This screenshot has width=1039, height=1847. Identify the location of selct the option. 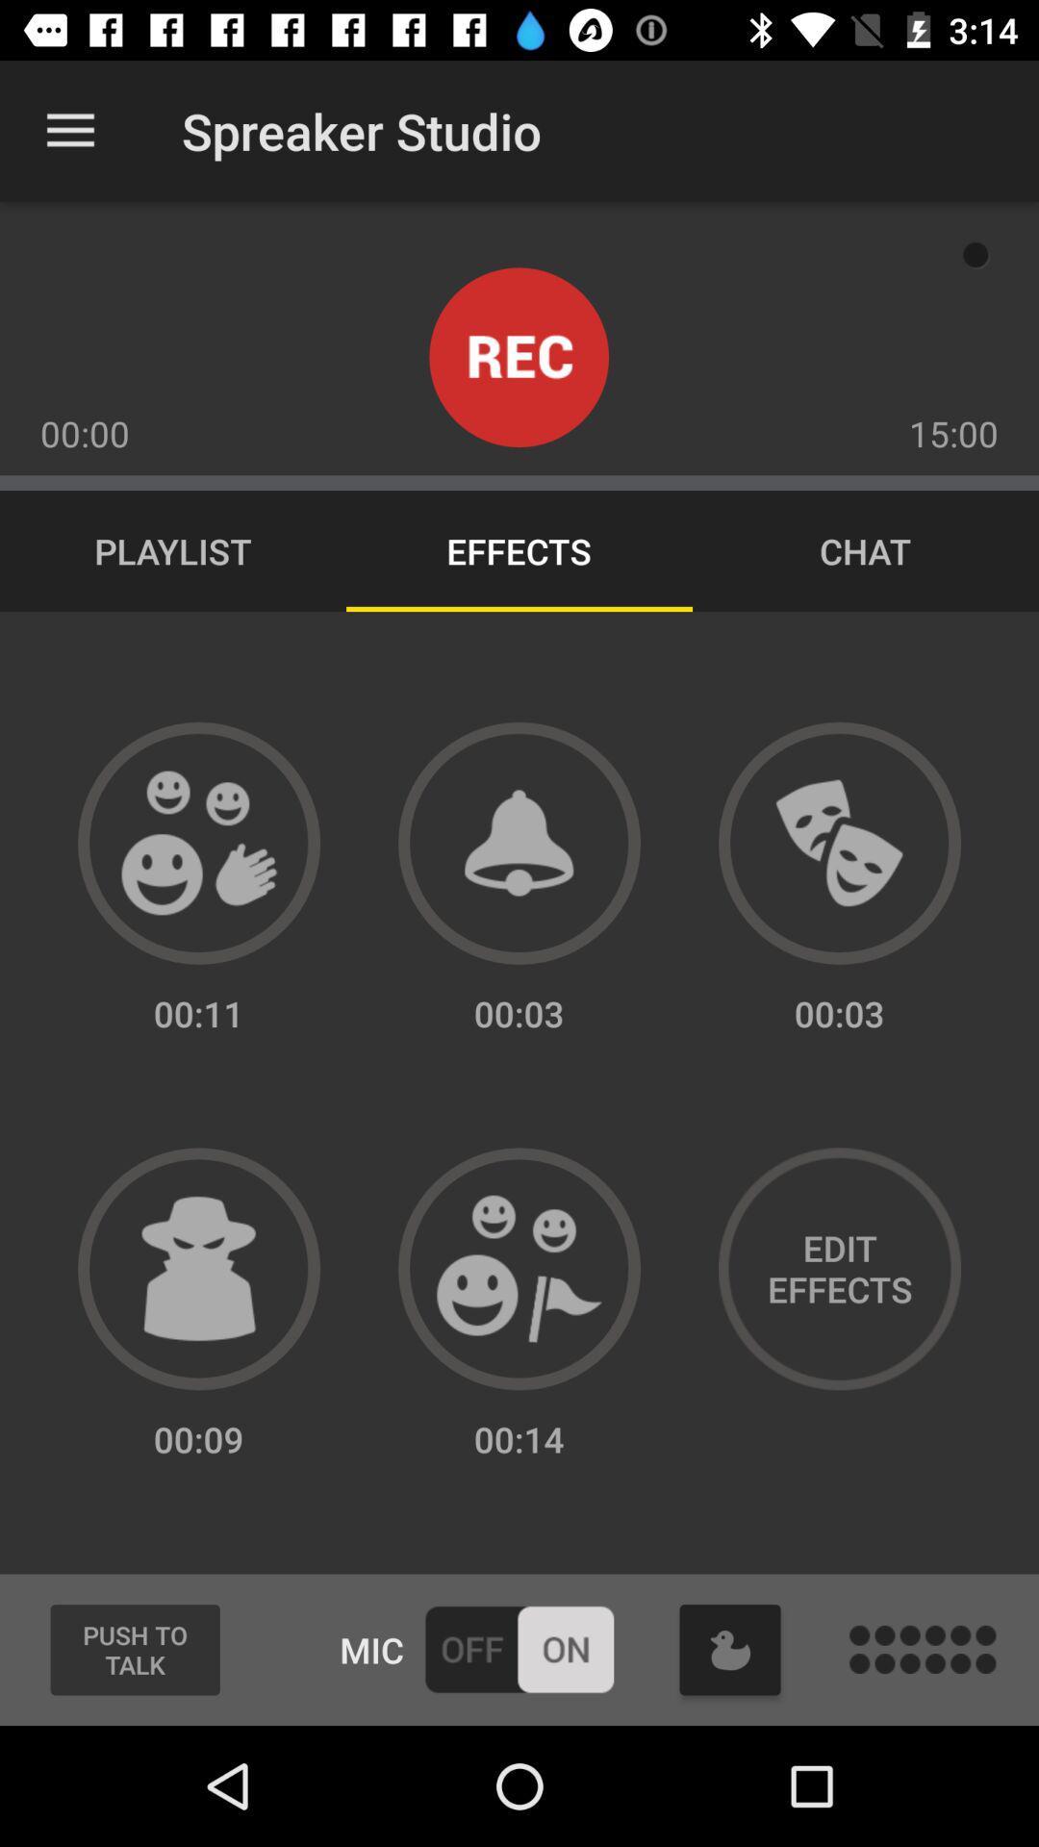
(519, 1269).